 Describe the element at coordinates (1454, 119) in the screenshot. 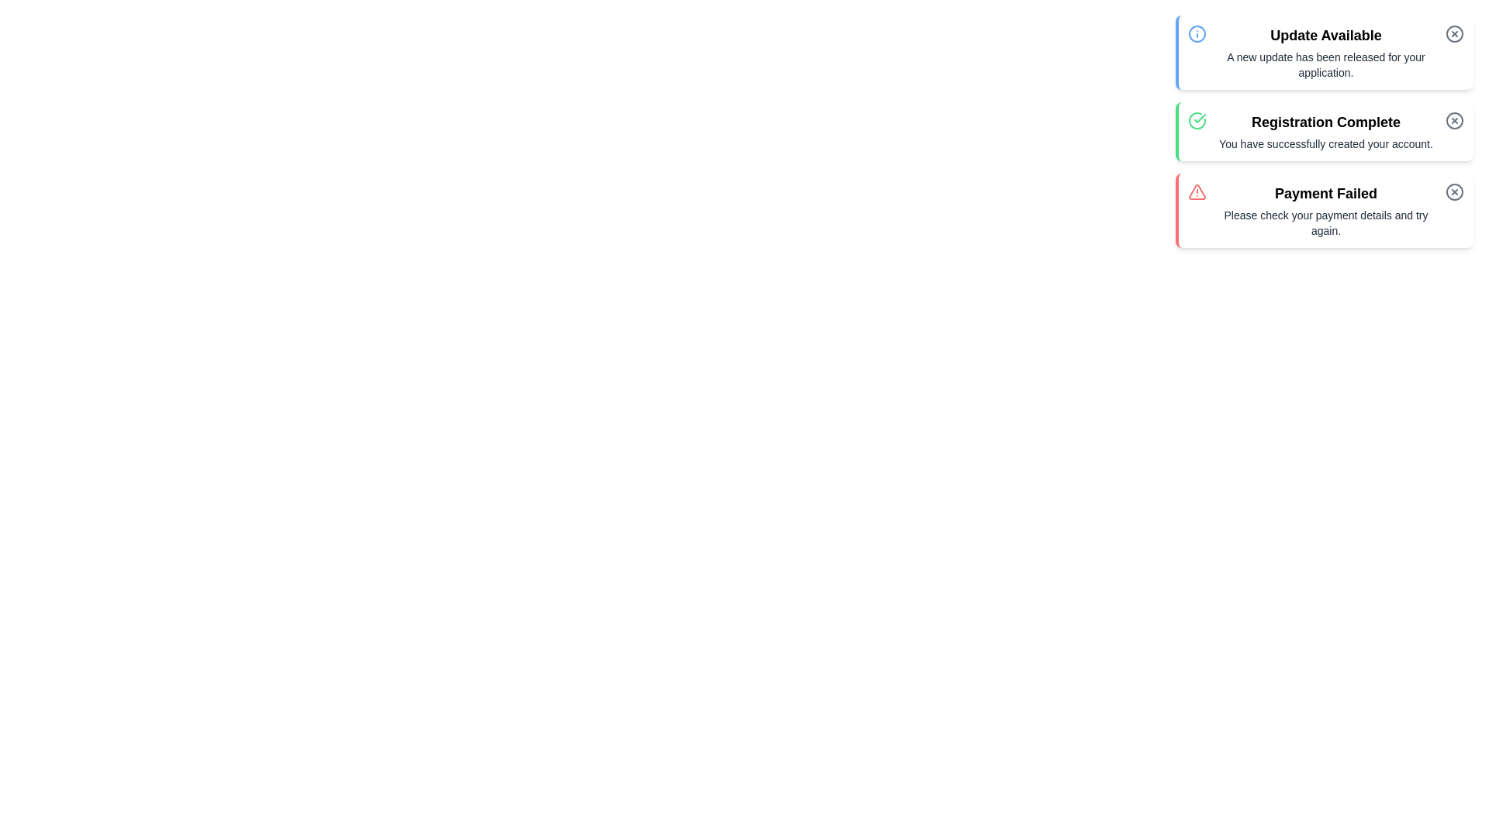

I see `the circular icon located next to the 'Registration Complete' text in the center notification card` at that location.